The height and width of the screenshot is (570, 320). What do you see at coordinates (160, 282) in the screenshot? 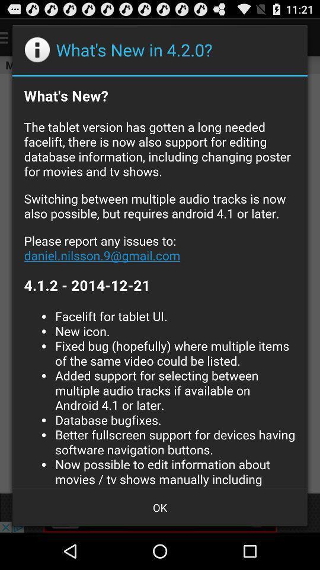
I see `files` at bounding box center [160, 282].